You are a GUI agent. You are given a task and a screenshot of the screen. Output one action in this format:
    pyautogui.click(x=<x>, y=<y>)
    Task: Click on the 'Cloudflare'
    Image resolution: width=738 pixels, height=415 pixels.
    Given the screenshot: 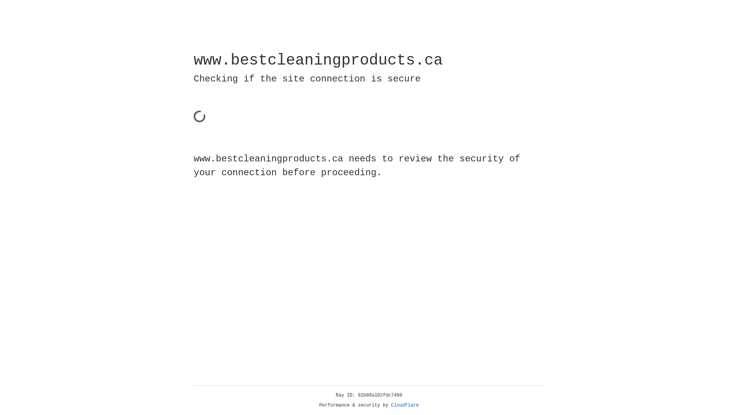 What is the action you would take?
    pyautogui.click(x=391, y=405)
    